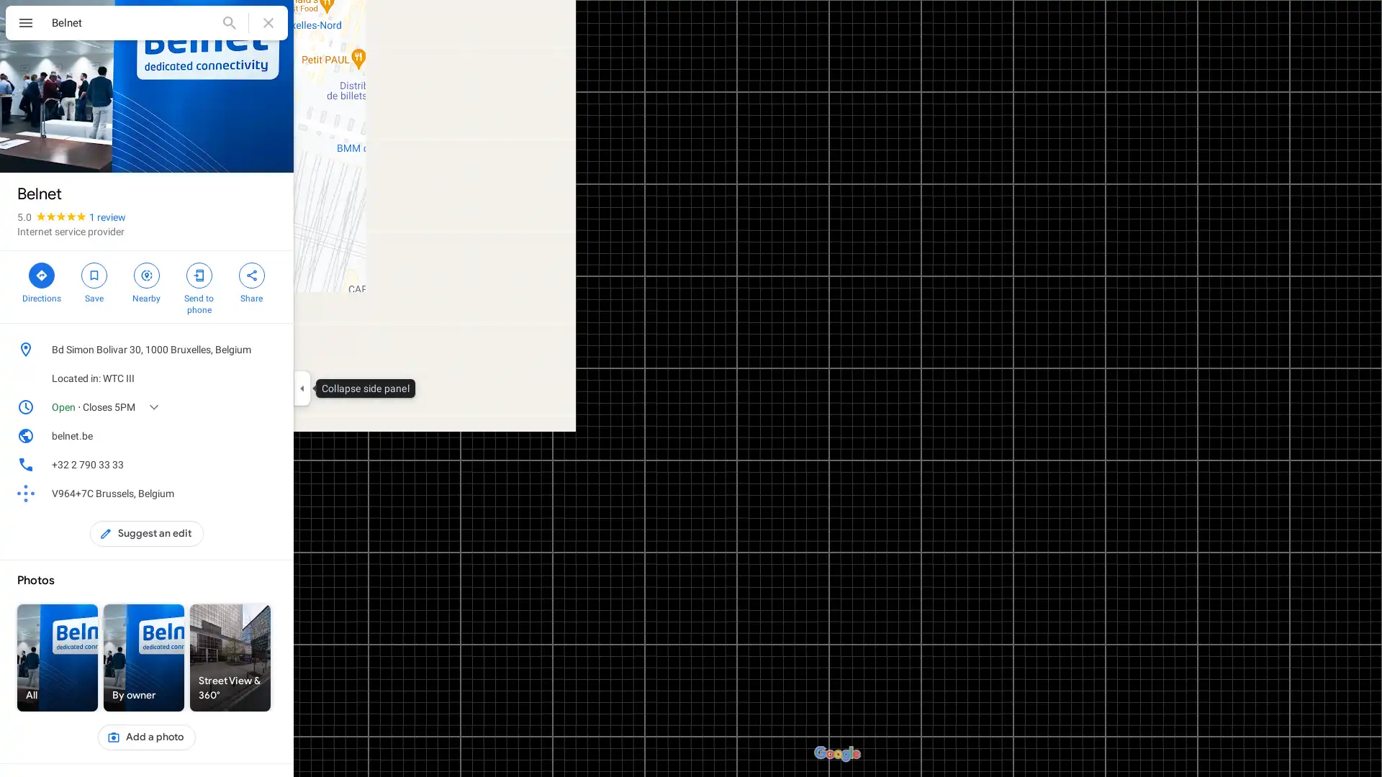 Image resolution: width=1382 pixels, height=777 pixels. Describe the element at coordinates (144, 658) in the screenshot. I see `By owner` at that location.